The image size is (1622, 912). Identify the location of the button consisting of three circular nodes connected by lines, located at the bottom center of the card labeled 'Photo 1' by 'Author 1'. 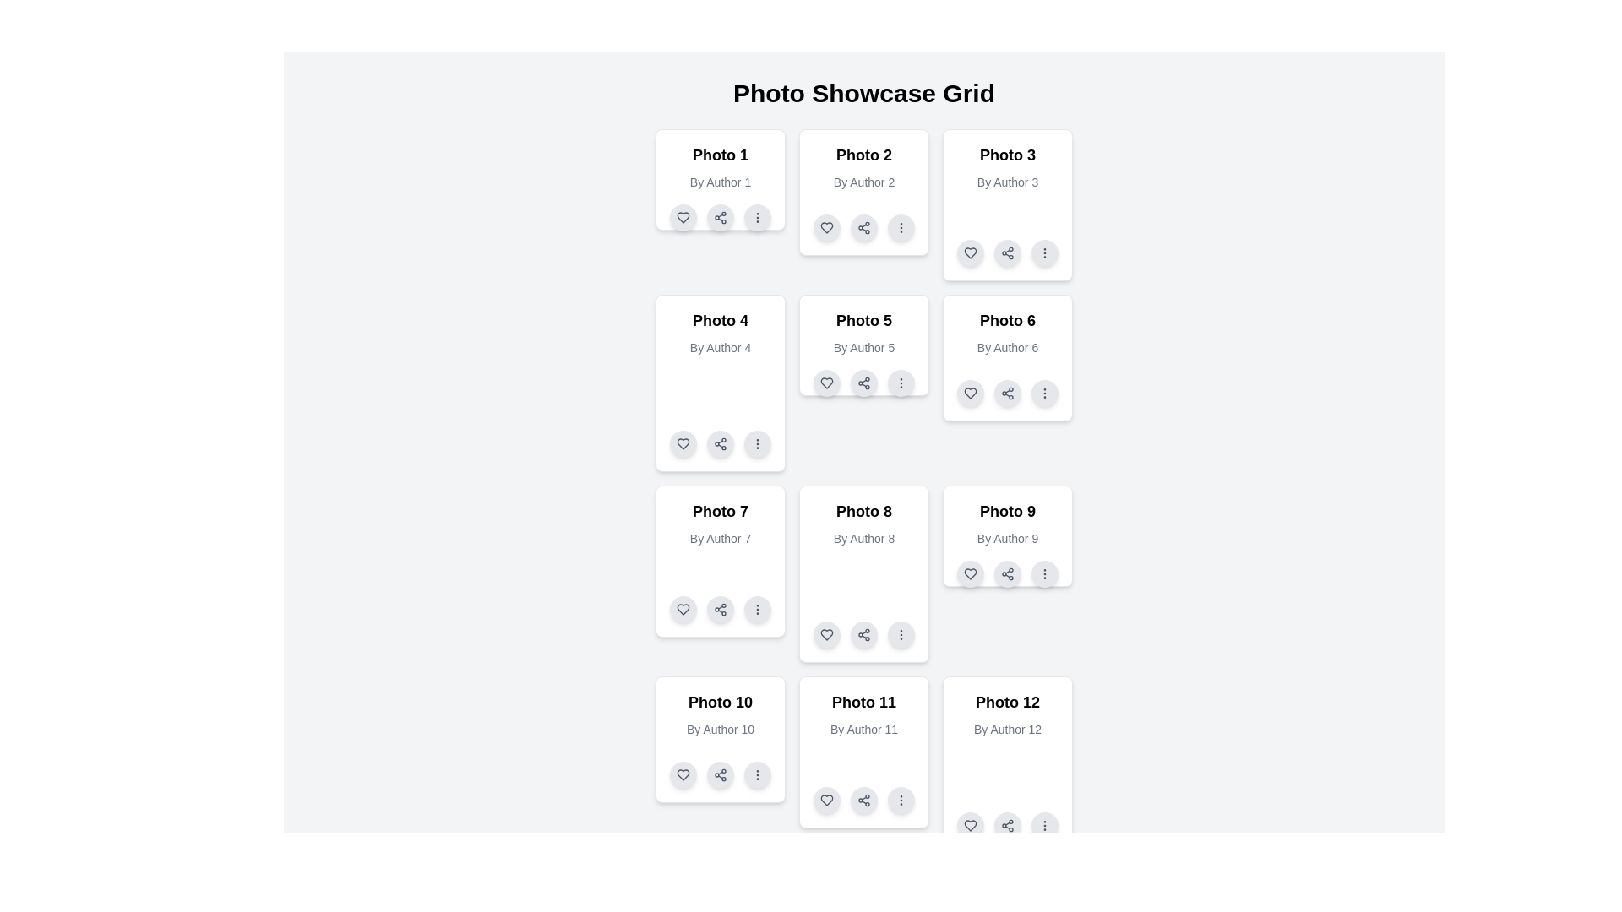
(721, 217).